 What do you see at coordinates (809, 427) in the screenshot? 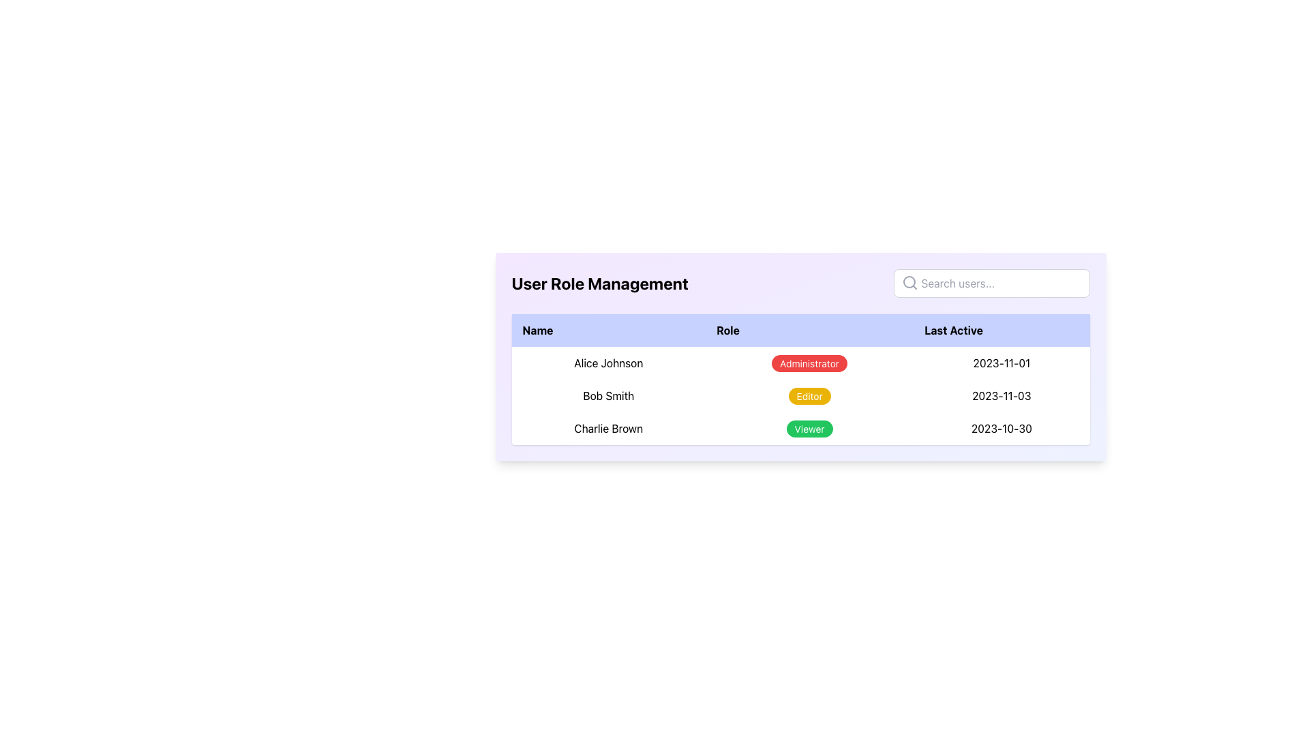
I see `the 'Role' label indicating the status of 'Charlie Brown' in the third row of the table` at bounding box center [809, 427].